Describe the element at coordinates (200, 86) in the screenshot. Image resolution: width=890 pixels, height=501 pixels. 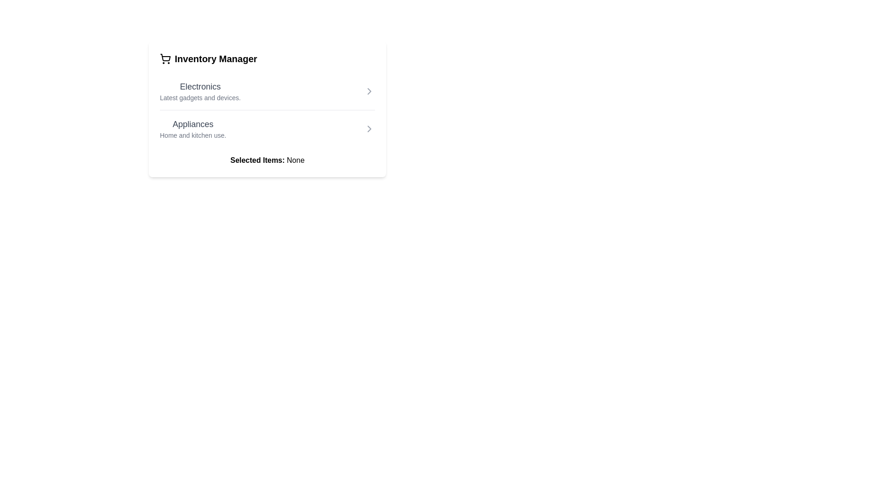
I see `the 'Electronics' text label, which is styled with a larger font size and medium weight, located in the upper section of the 'Inventory Manager' card` at that location.